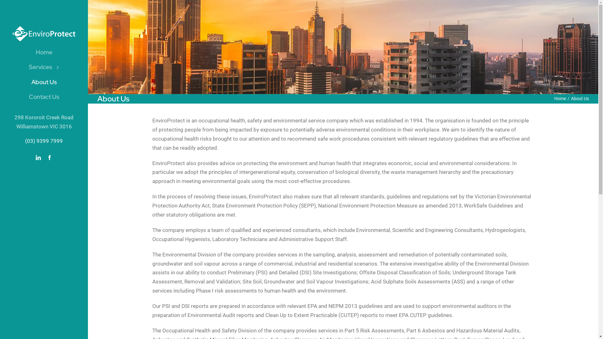 The image size is (603, 339). I want to click on 'Home', so click(560, 98).